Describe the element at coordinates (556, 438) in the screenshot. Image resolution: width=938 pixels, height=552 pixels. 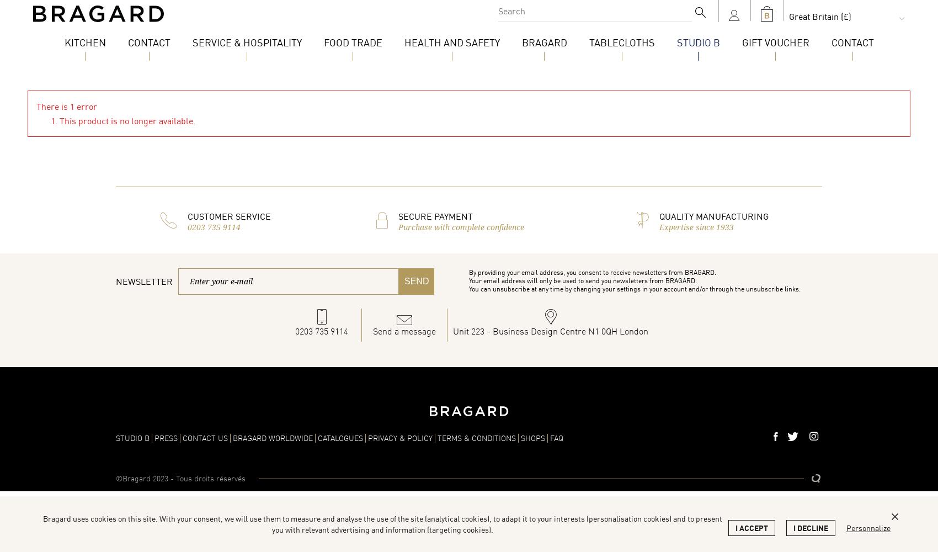
I see `'FAQ'` at that location.